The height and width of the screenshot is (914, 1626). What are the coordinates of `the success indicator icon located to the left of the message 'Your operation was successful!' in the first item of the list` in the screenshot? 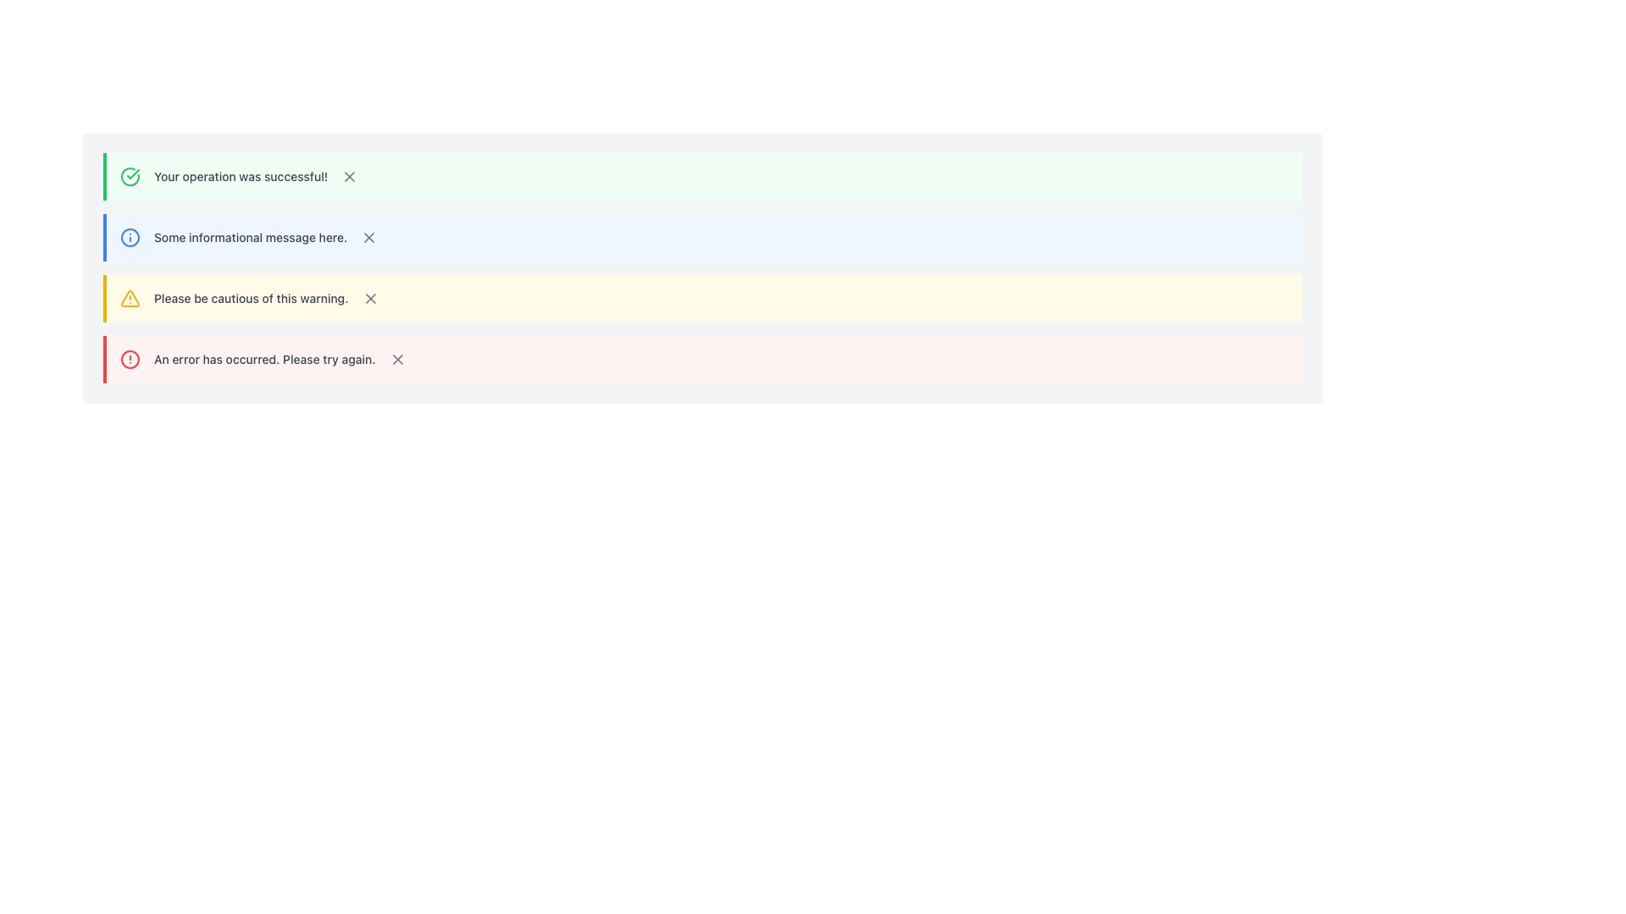 It's located at (129, 176).